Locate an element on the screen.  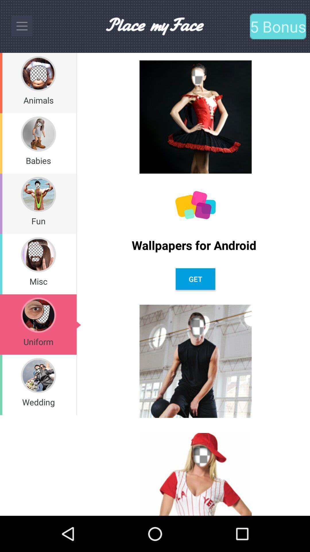
second image from bottom is located at coordinates (195, 361).